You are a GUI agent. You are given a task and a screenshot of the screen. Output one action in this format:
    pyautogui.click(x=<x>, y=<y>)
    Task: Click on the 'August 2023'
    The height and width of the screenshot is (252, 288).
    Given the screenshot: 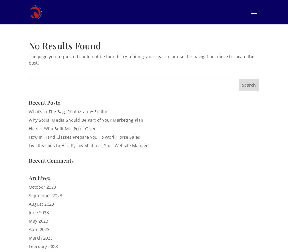 What is the action you would take?
    pyautogui.click(x=41, y=204)
    